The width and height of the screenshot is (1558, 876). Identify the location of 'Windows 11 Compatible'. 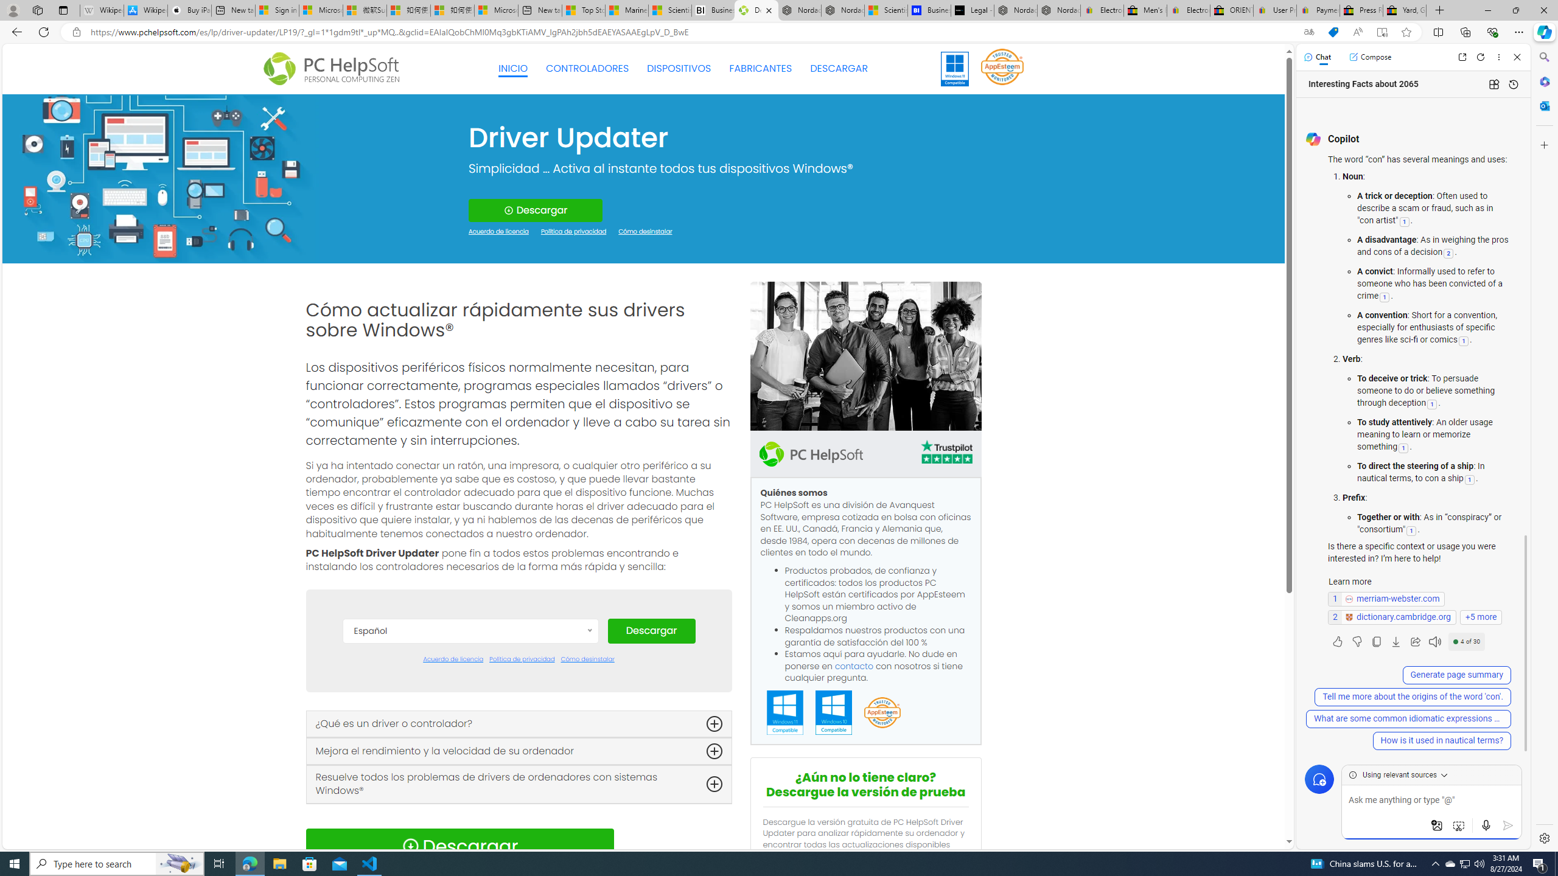
(784, 712).